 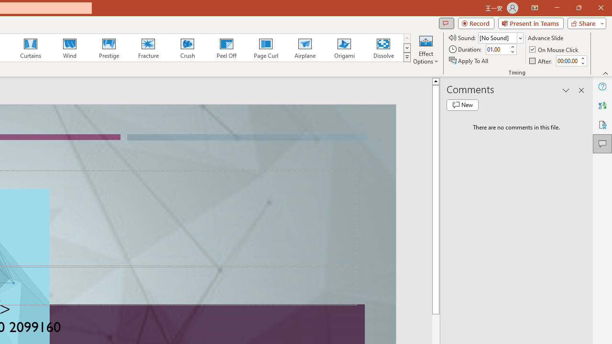 What do you see at coordinates (554, 49) in the screenshot?
I see `'On Mouse Click'` at bounding box center [554, 49].